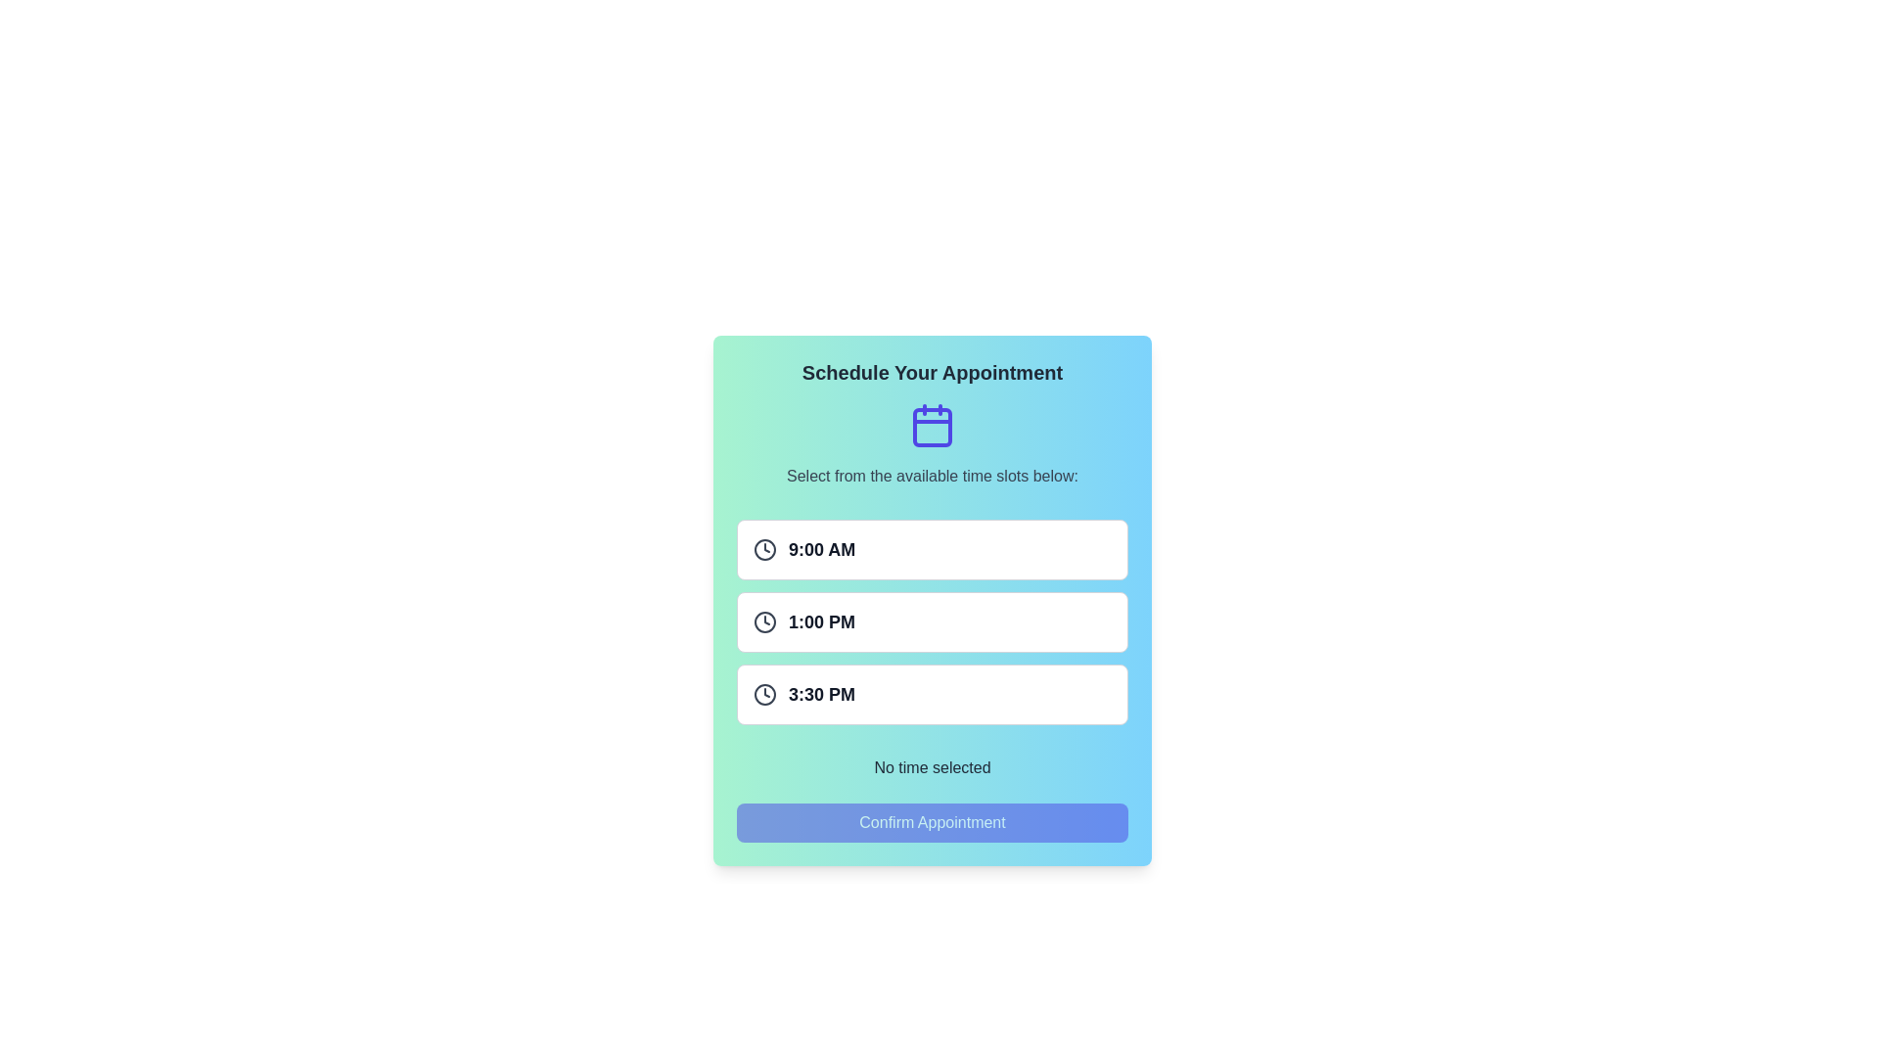 This screenshot has width=1879, height=1057. What do you see at coordinates (822, 550) in the screenshot?
I see `the Static Text representing the 9:00 AM appointment time, which is part of the interactive time slot selection group` at bounding box center [822, 550].